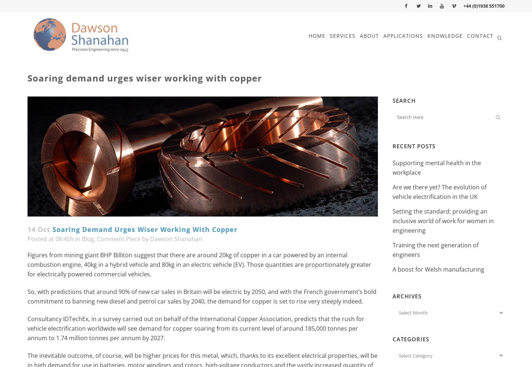 The height and width of the screenshot is (367, 532). What do you see at coordinates (87, 239) in the screenshot?
I see `'Blog'` at bounding box center [87, 239].